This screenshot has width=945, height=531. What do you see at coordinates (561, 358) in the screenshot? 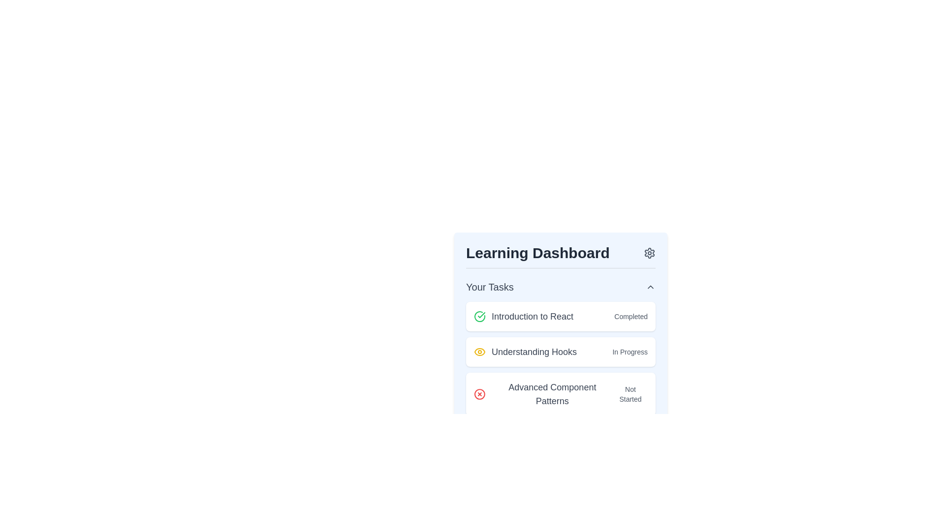
I see `the task entry box titled 'Understanding Hooks' which contains an eye icon and the status 'In Progress'` at bounding box center [561, 358].